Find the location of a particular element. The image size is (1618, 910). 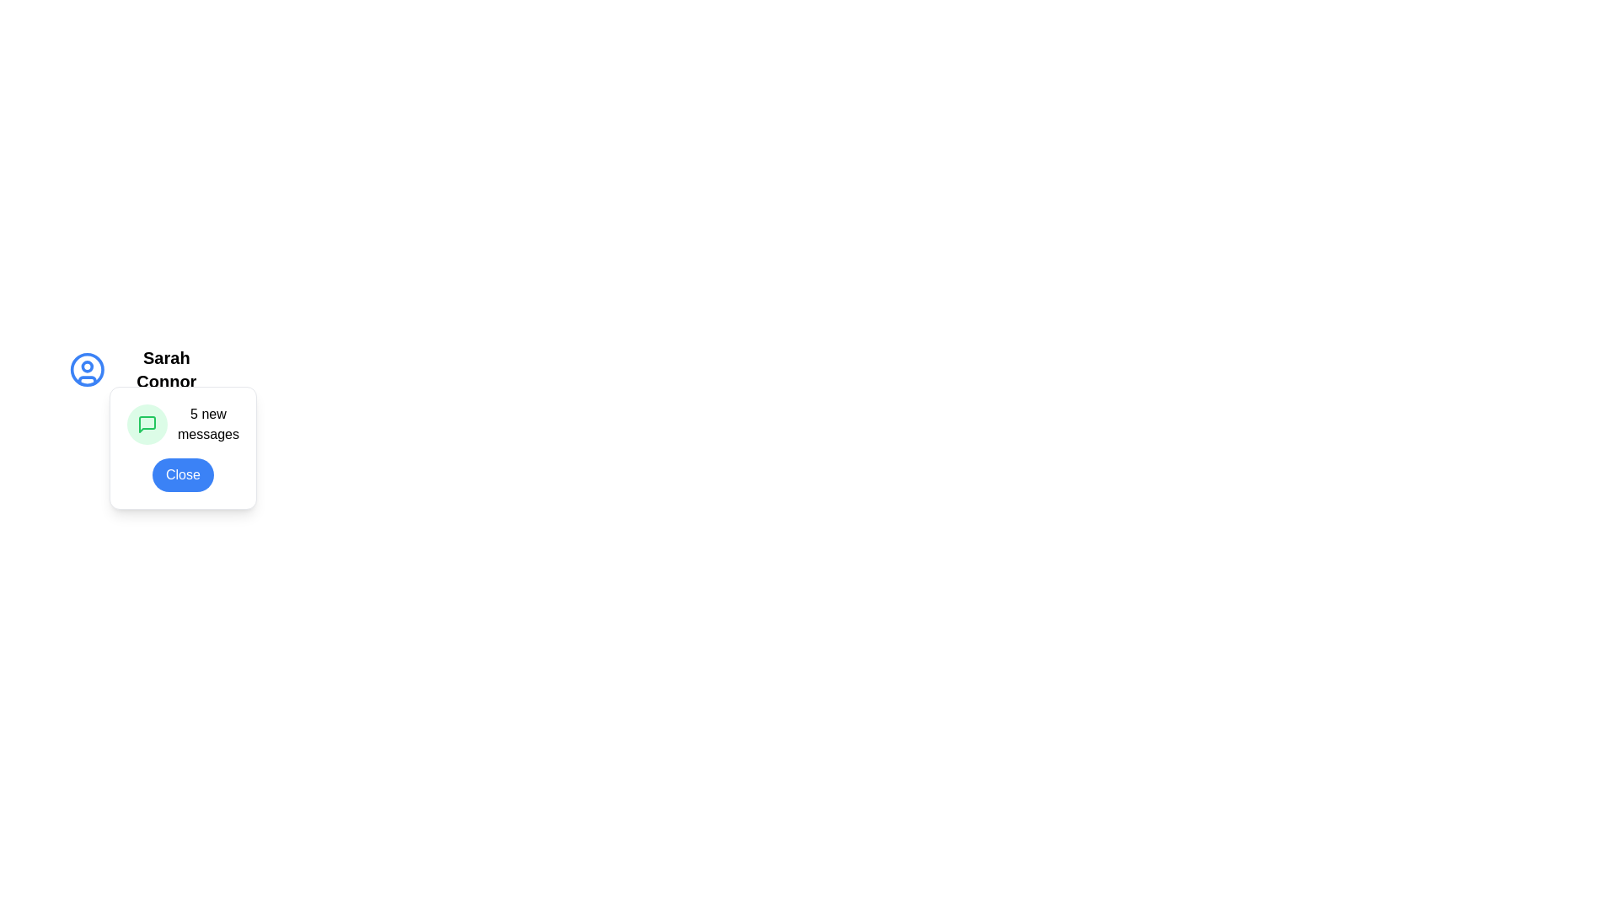

the circular shape element with a blue stroke that is part of the user profile icon located to the left of 'Sarah Connor' is located at coordinates (86, 369).